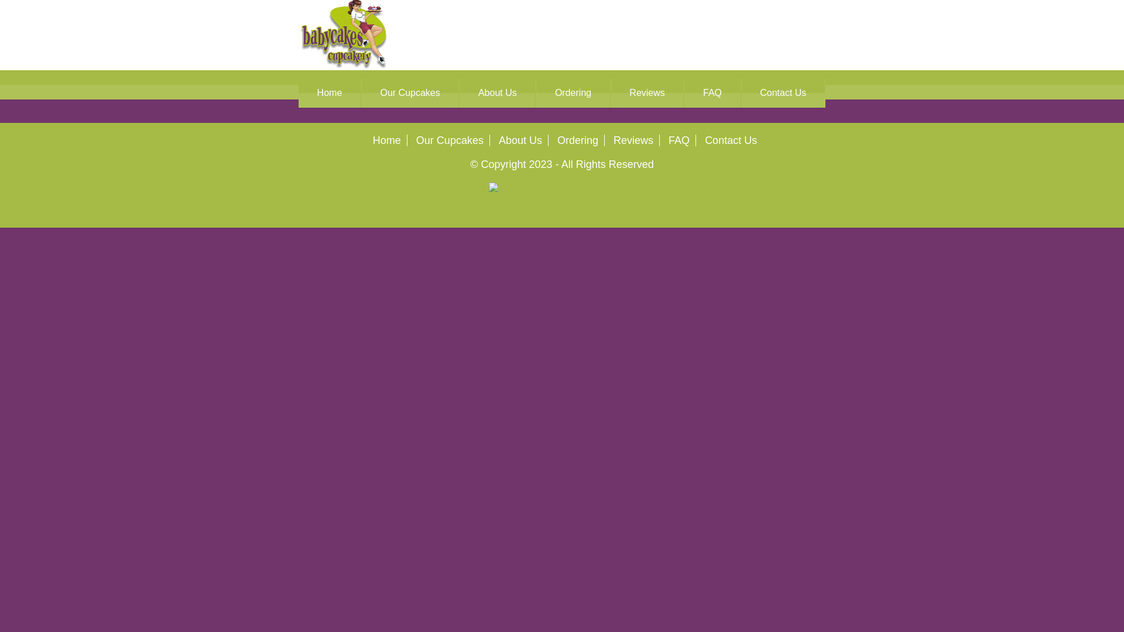 This screenshot has width=1124, height=632. Describe the element at coordinates (783, 92) in the screenshot. I see `'Contact Us'` at that location.